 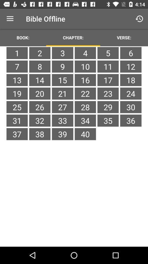 What do you see at coordinates (108, 120) in the screenshot?
I see `the 35` at bounding box center [108, 120].